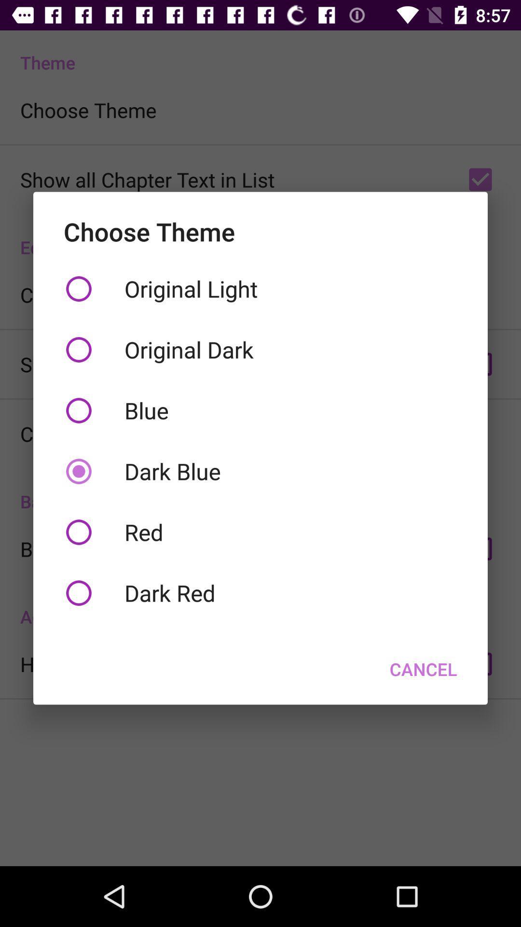 This screenshot has height=927, width=521. Describe the element at coordinates (423, 669) in the screenshot. I see `the item below the dark red checkbox` at that location.